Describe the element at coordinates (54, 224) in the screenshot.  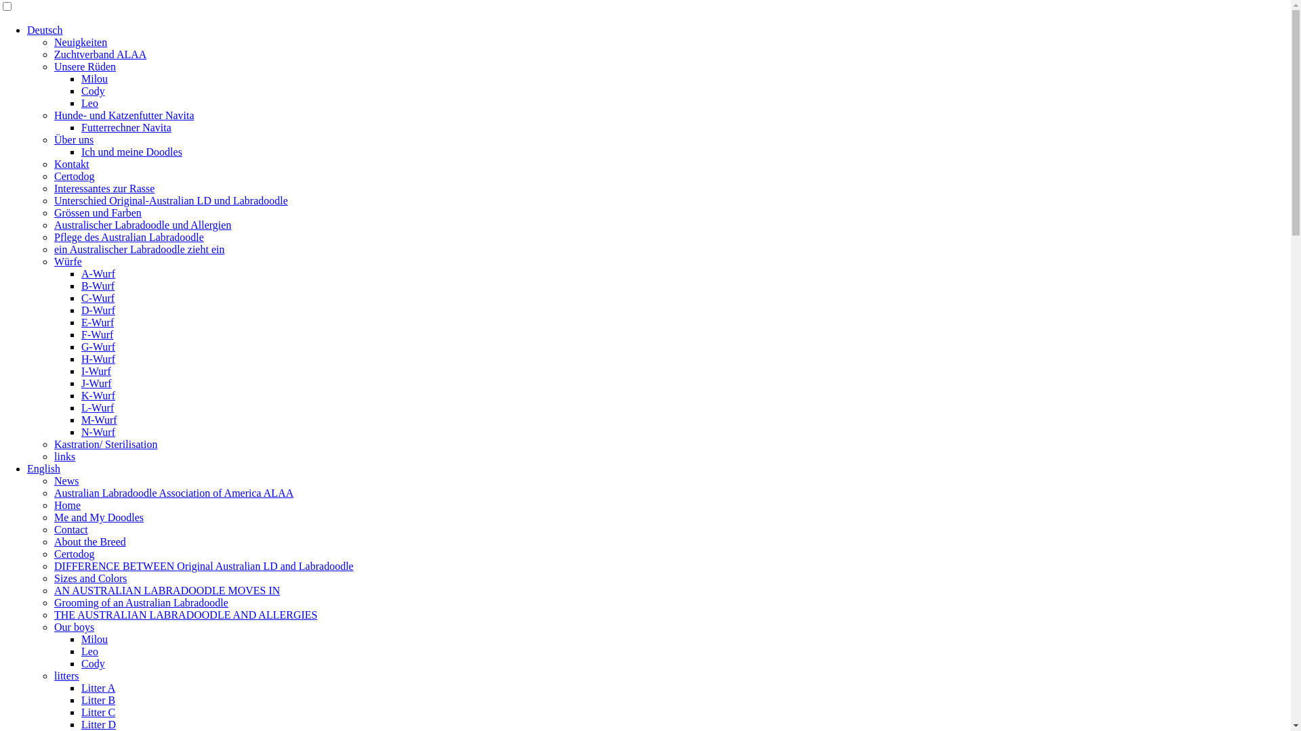
I see `'Australischer Labradoodle und Allergien'` at that location.